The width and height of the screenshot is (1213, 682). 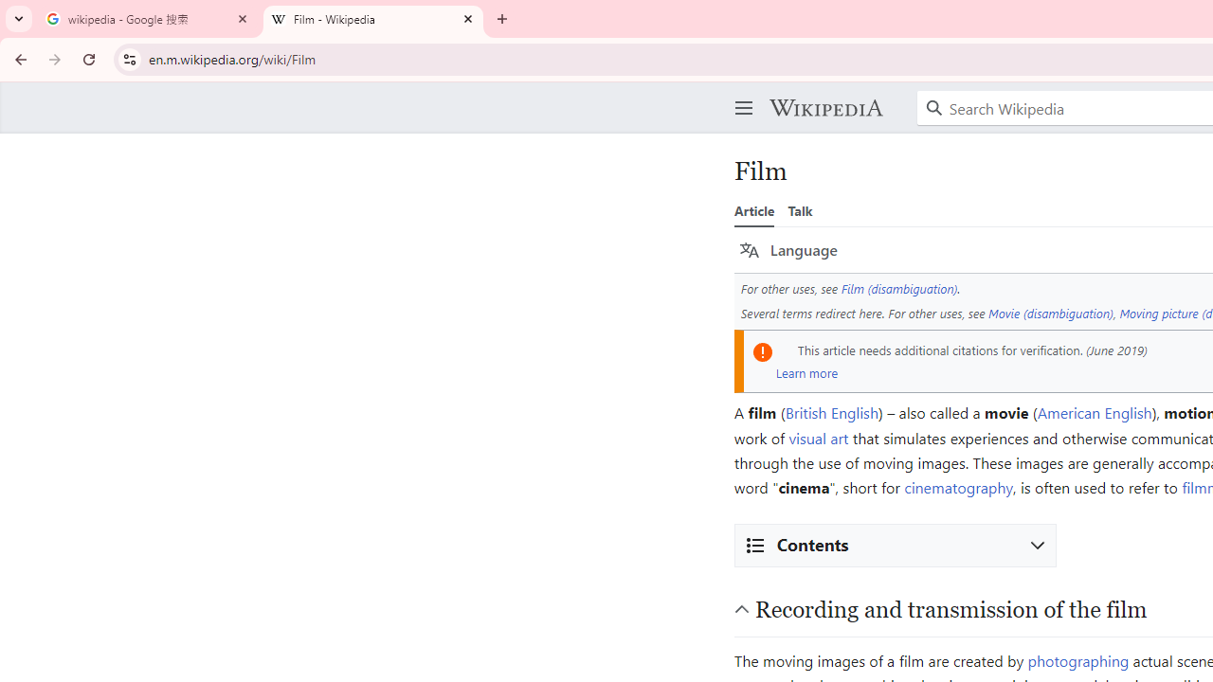 I want to click on 'American English', so click(x=1095, y=411).